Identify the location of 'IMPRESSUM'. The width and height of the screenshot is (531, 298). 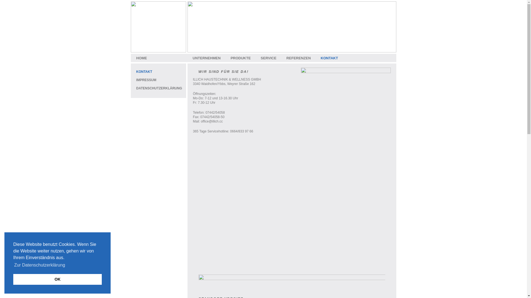
(146, 80).